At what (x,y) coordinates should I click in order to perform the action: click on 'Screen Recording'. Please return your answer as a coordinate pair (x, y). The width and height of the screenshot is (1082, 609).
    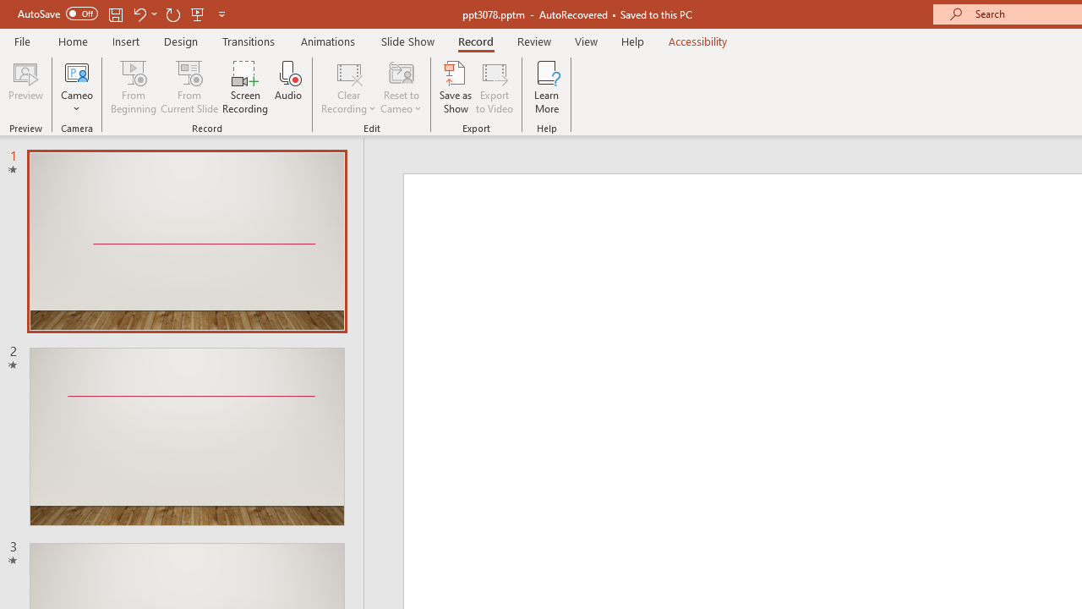
    Looking at the image, I should click on (244, 87).